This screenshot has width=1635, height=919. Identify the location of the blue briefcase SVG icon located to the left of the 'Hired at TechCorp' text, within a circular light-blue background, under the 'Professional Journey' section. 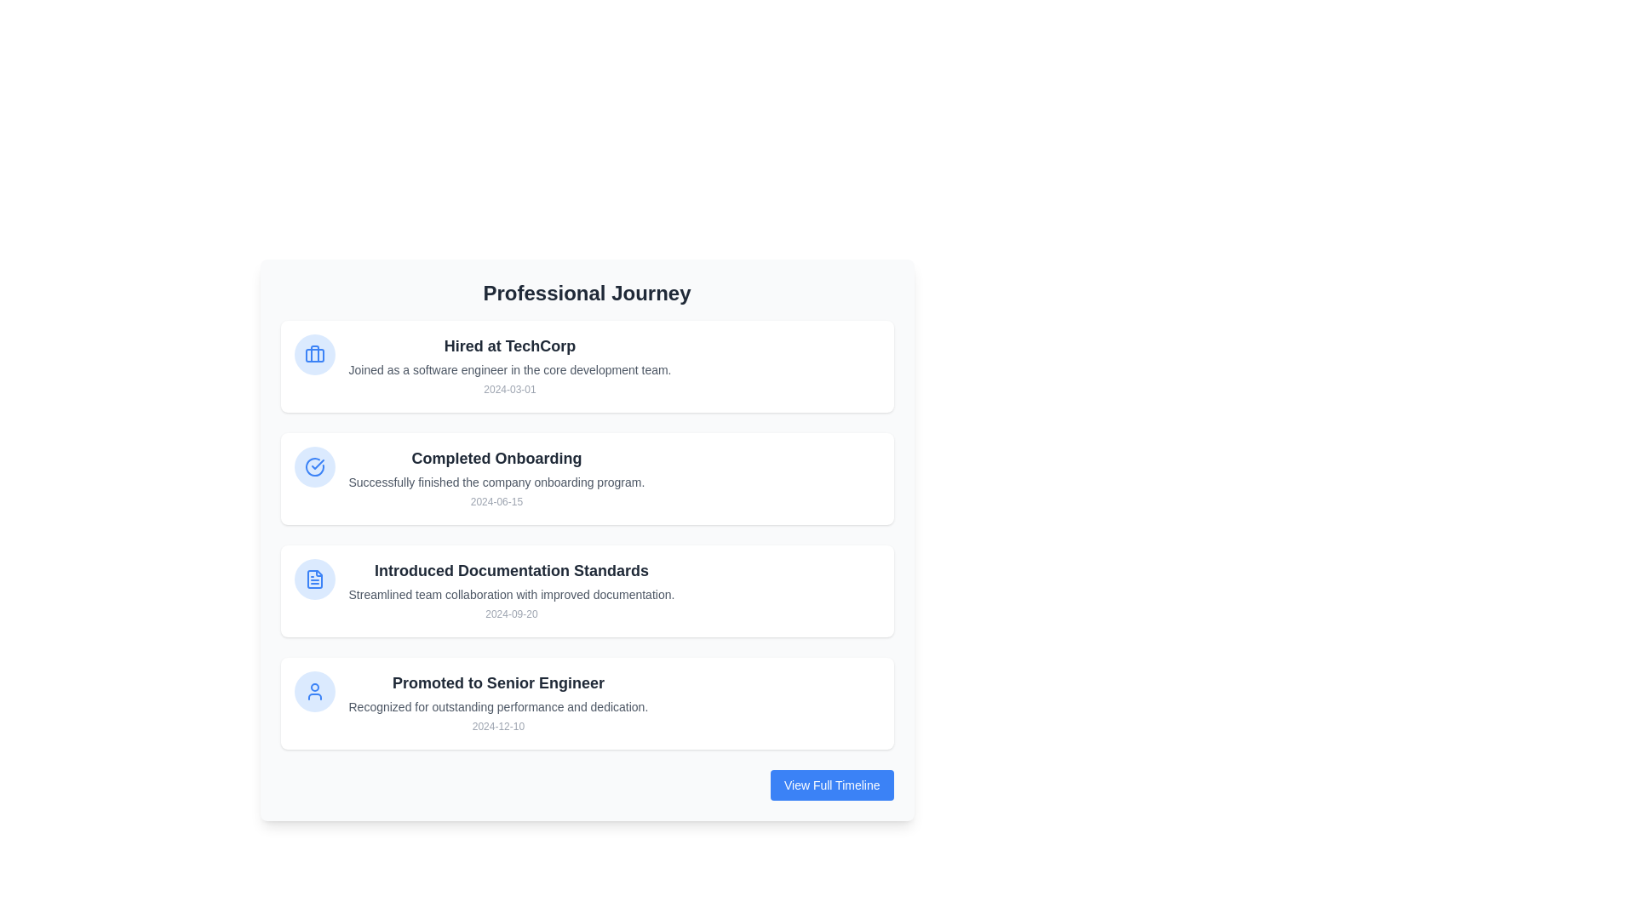
(314, 353).